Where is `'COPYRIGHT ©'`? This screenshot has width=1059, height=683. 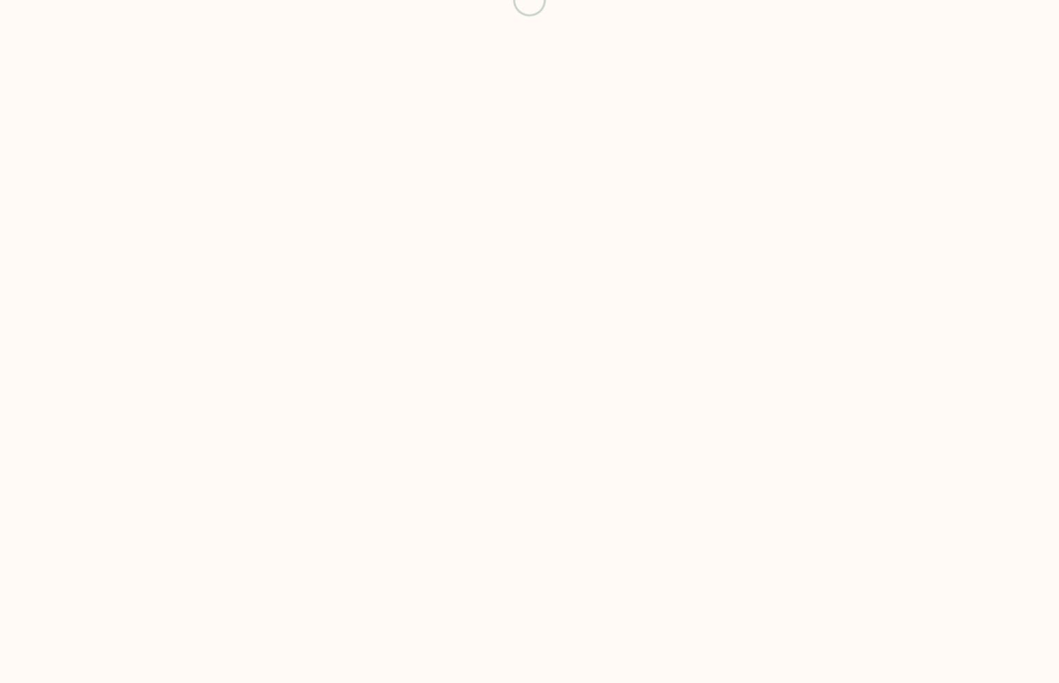 'COPYRIGHT ©' is located at coordinates (445, 213).